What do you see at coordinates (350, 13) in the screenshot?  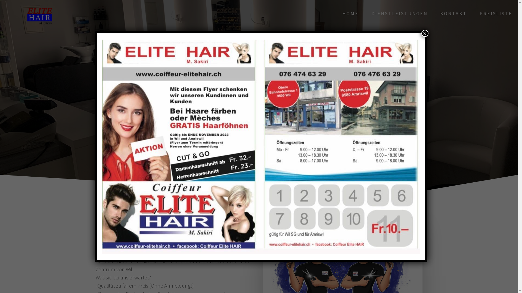 I see `'HOME'` at bounding box center [350, 13].